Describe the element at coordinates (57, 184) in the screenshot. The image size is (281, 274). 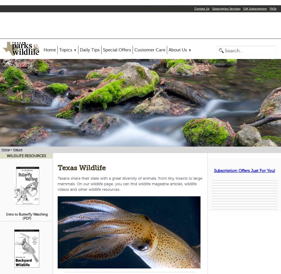
I see `'Texans share their state with a great diversity of animals, from tiny insects to large mammals. On our wildlife page, you can find wildlife magazine articles, wildlife videos and other wildlife resources.'` at that location.